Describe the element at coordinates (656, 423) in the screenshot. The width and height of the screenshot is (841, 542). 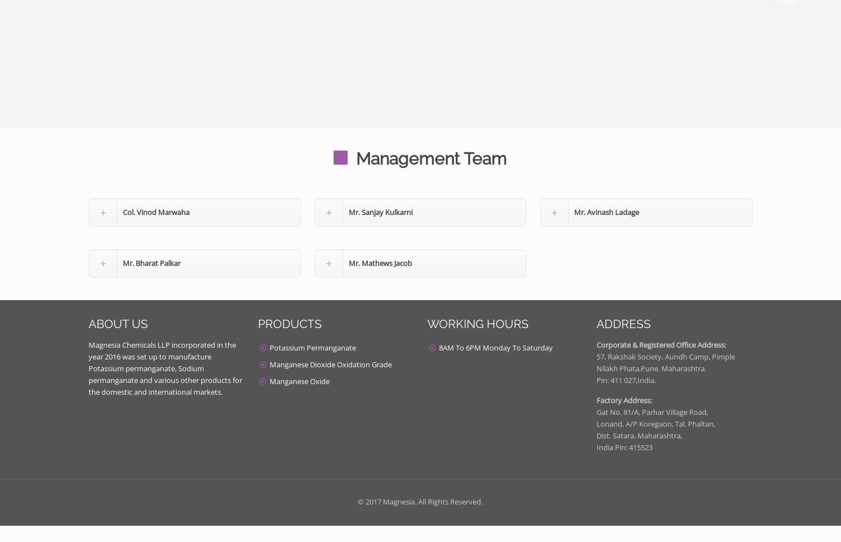
I see `'Lonand, A/P Koregaon, Tal. Phaltan,'` at that location.